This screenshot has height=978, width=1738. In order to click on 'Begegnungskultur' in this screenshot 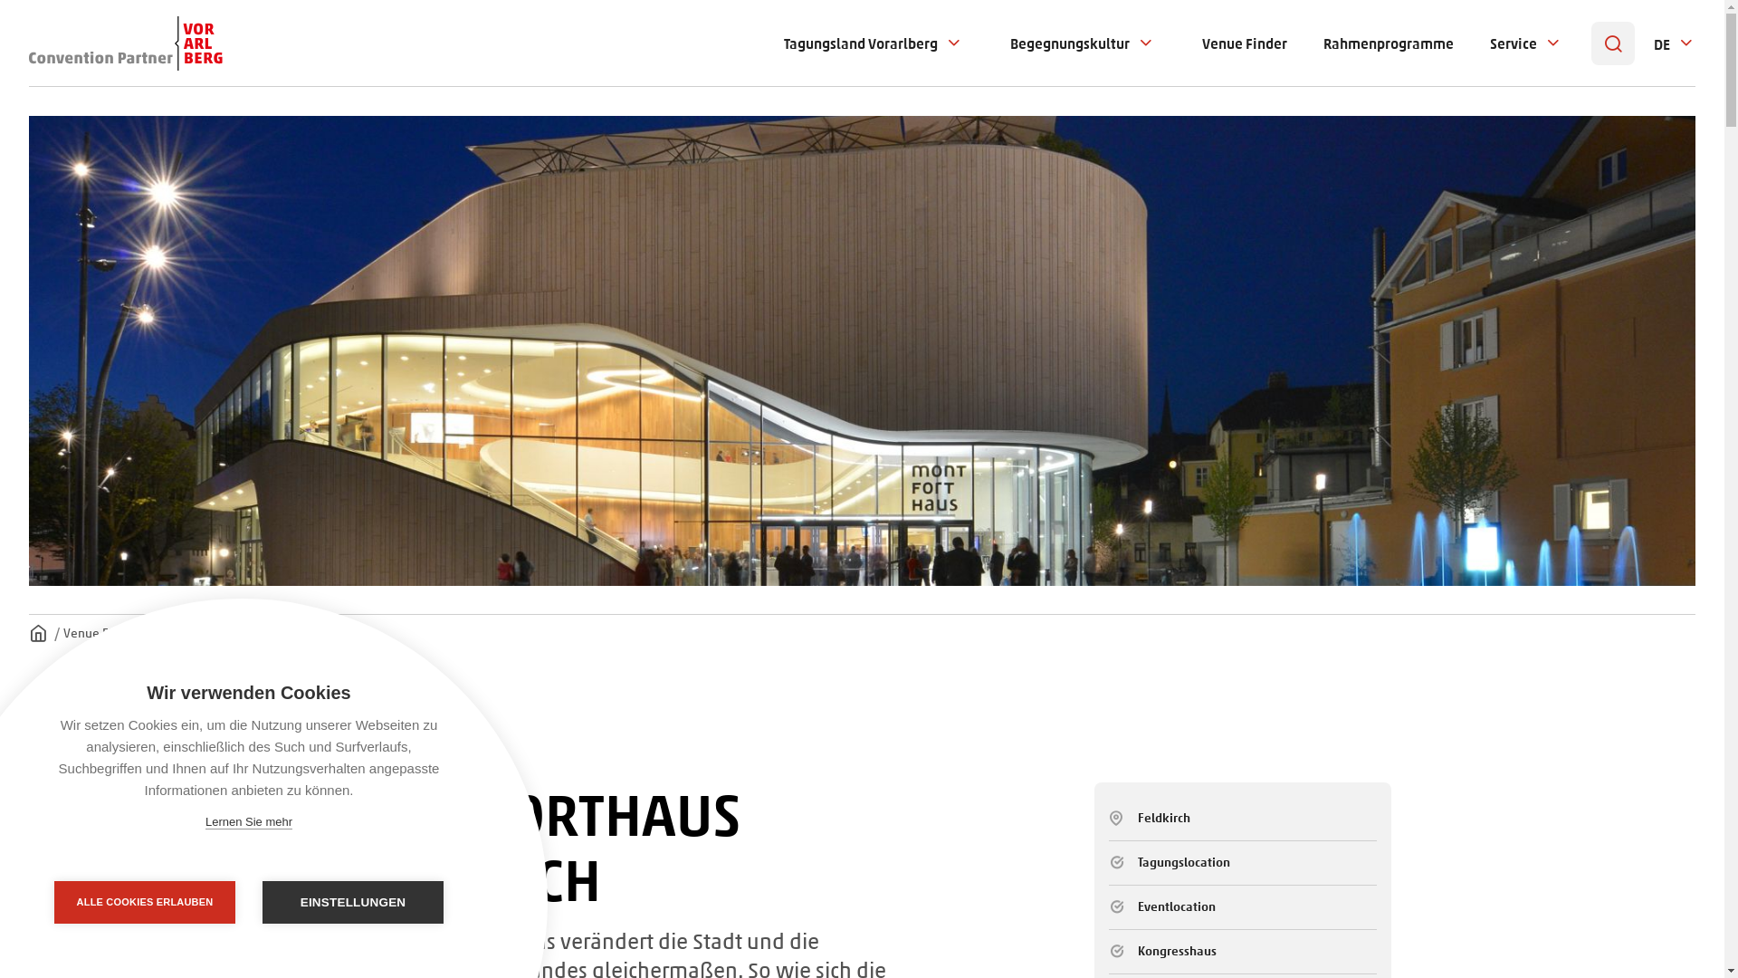, I will do `click(1069, 42)`.